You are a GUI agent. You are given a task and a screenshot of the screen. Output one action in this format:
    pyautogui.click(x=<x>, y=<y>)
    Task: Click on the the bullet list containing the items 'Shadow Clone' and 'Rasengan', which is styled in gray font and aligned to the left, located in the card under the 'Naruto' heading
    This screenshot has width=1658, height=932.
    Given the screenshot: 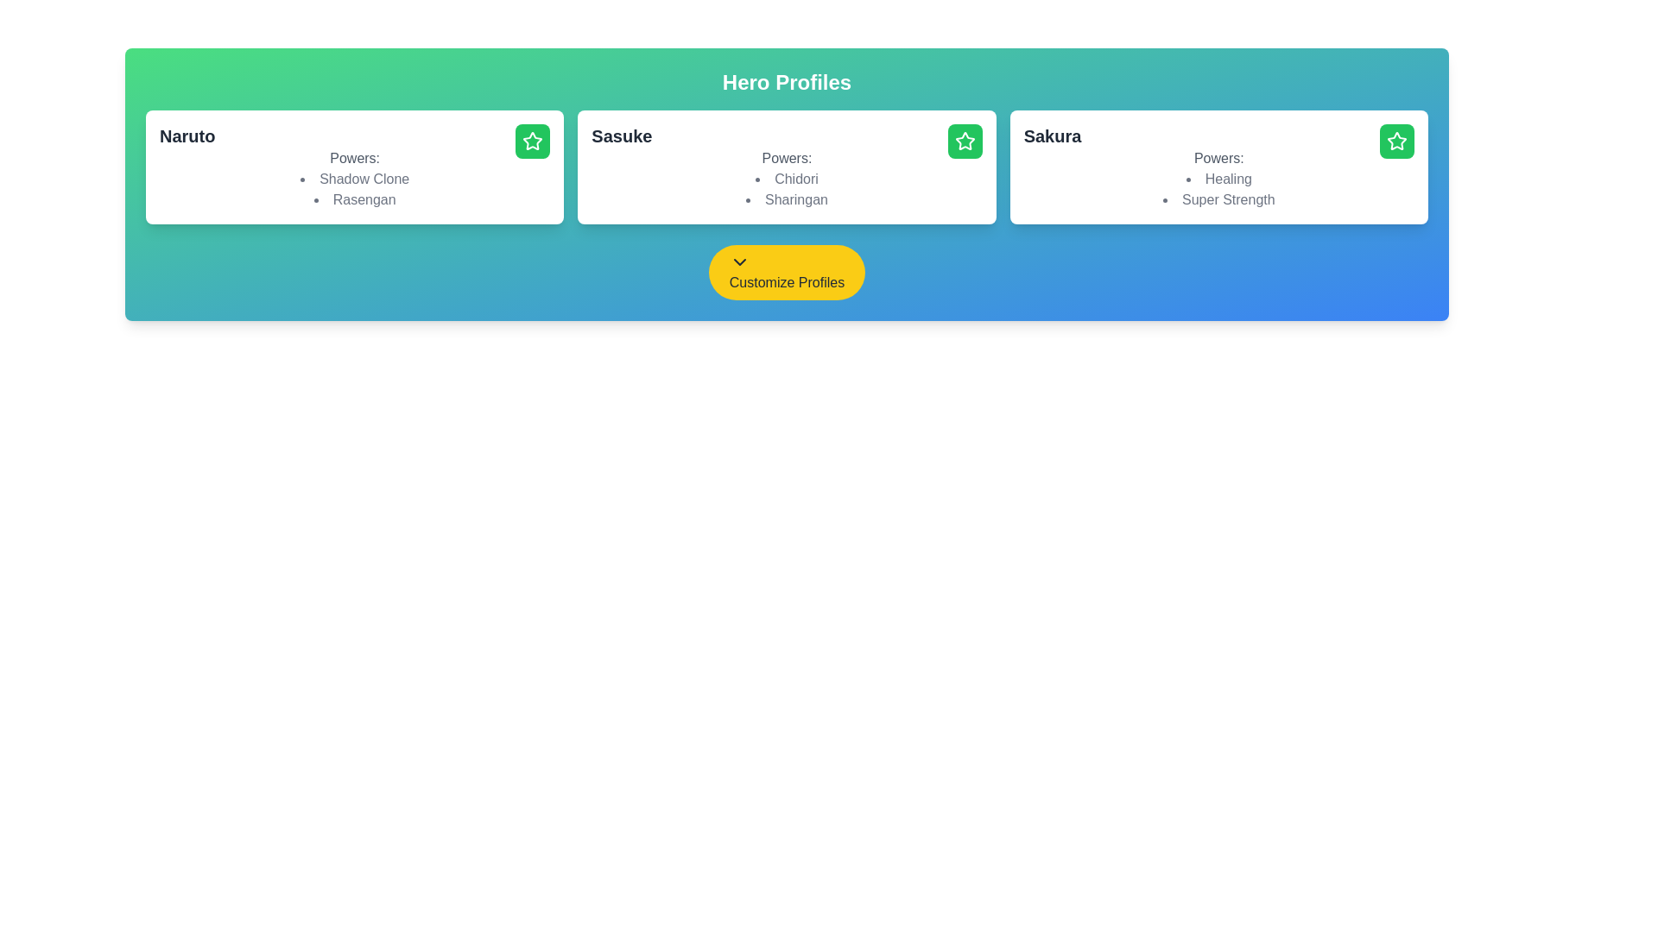 What is the action you would take?
    pyautogui.click(x=354, y=189)
    